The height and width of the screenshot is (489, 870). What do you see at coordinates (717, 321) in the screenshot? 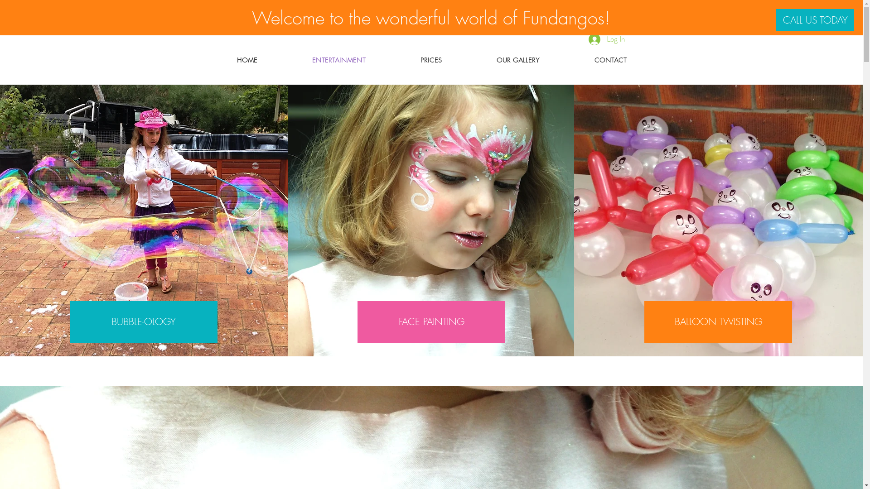
I see `'BALLOON TWISTING'` at bounding box center [717, 321].